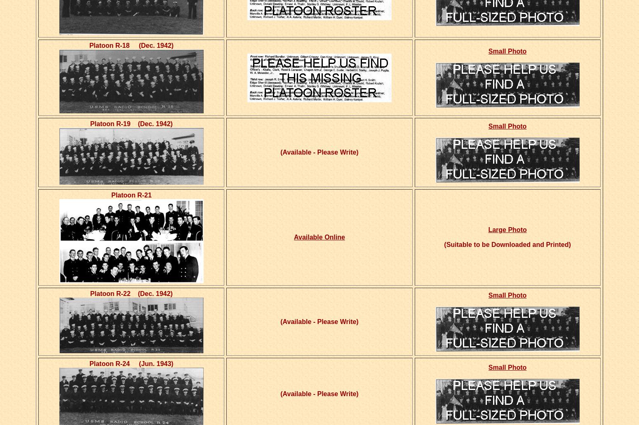 Image resolution: width=639 pixels, height=425 pixels. What do you see at coordinates (131, 124) in the screenshot?
I see `'Platoon R-19    (Dec. 
                
                1942)'` at bounding box center [131, 124].